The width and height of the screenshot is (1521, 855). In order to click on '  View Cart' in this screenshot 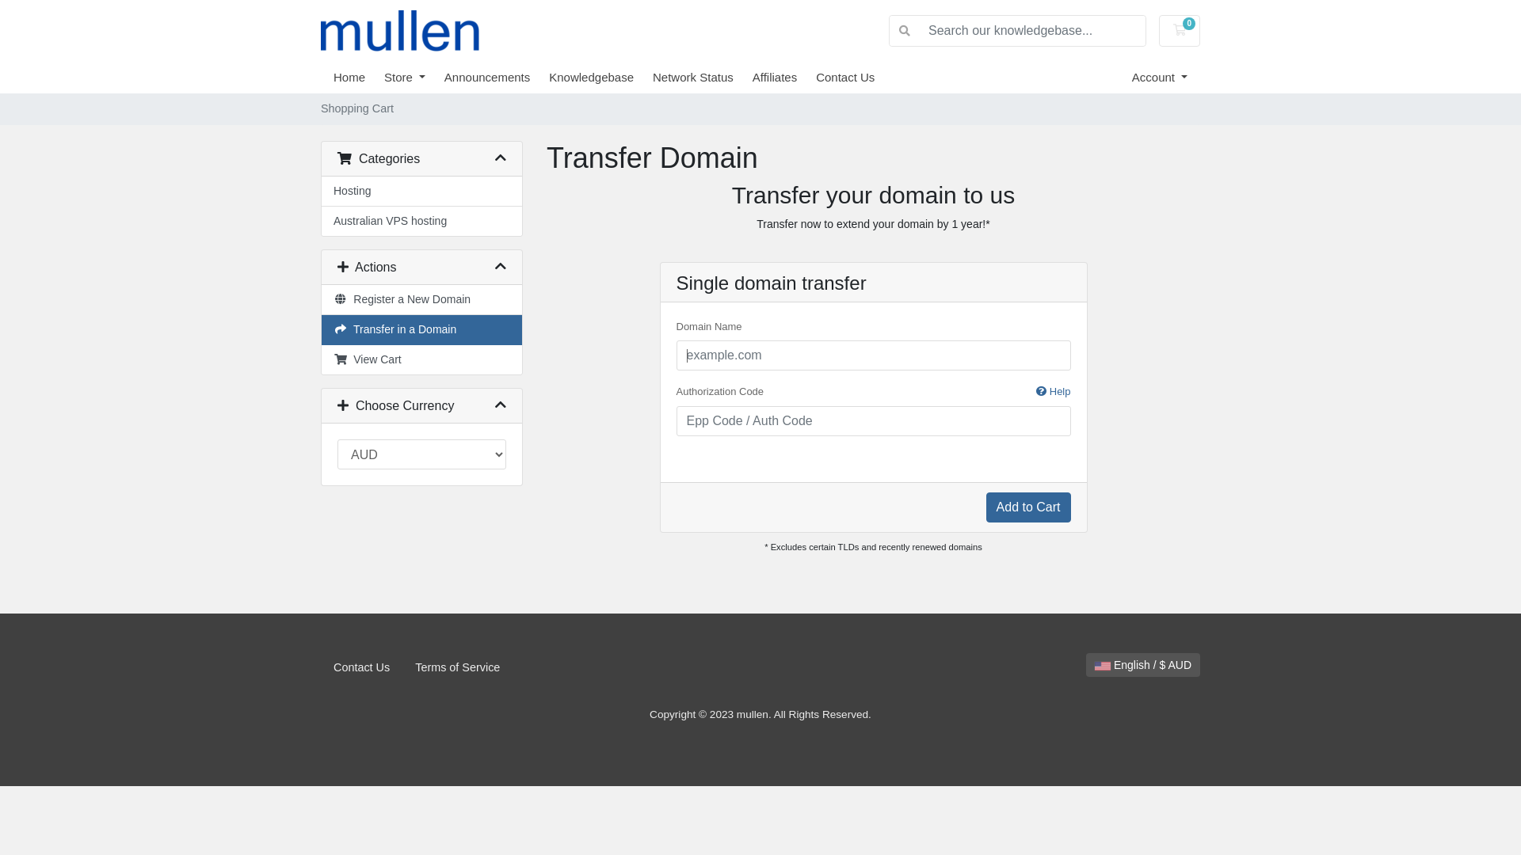, I will do `click(421, 359)`.